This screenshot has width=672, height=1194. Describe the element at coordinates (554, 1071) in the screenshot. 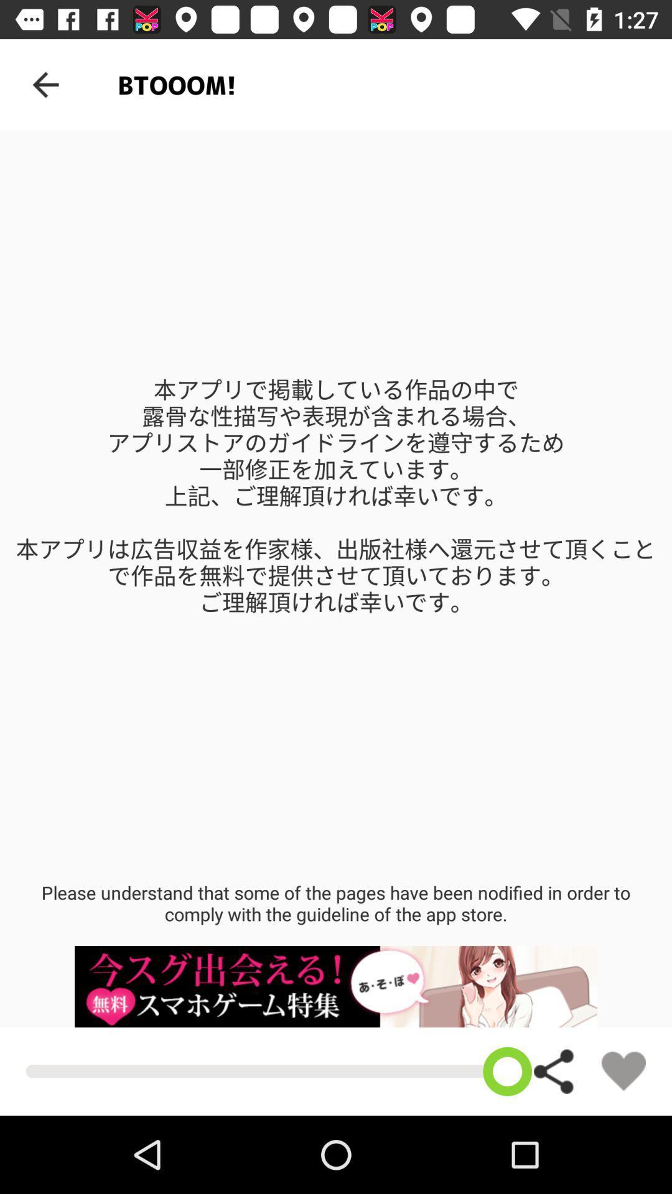

I see `share on social media` at that location.